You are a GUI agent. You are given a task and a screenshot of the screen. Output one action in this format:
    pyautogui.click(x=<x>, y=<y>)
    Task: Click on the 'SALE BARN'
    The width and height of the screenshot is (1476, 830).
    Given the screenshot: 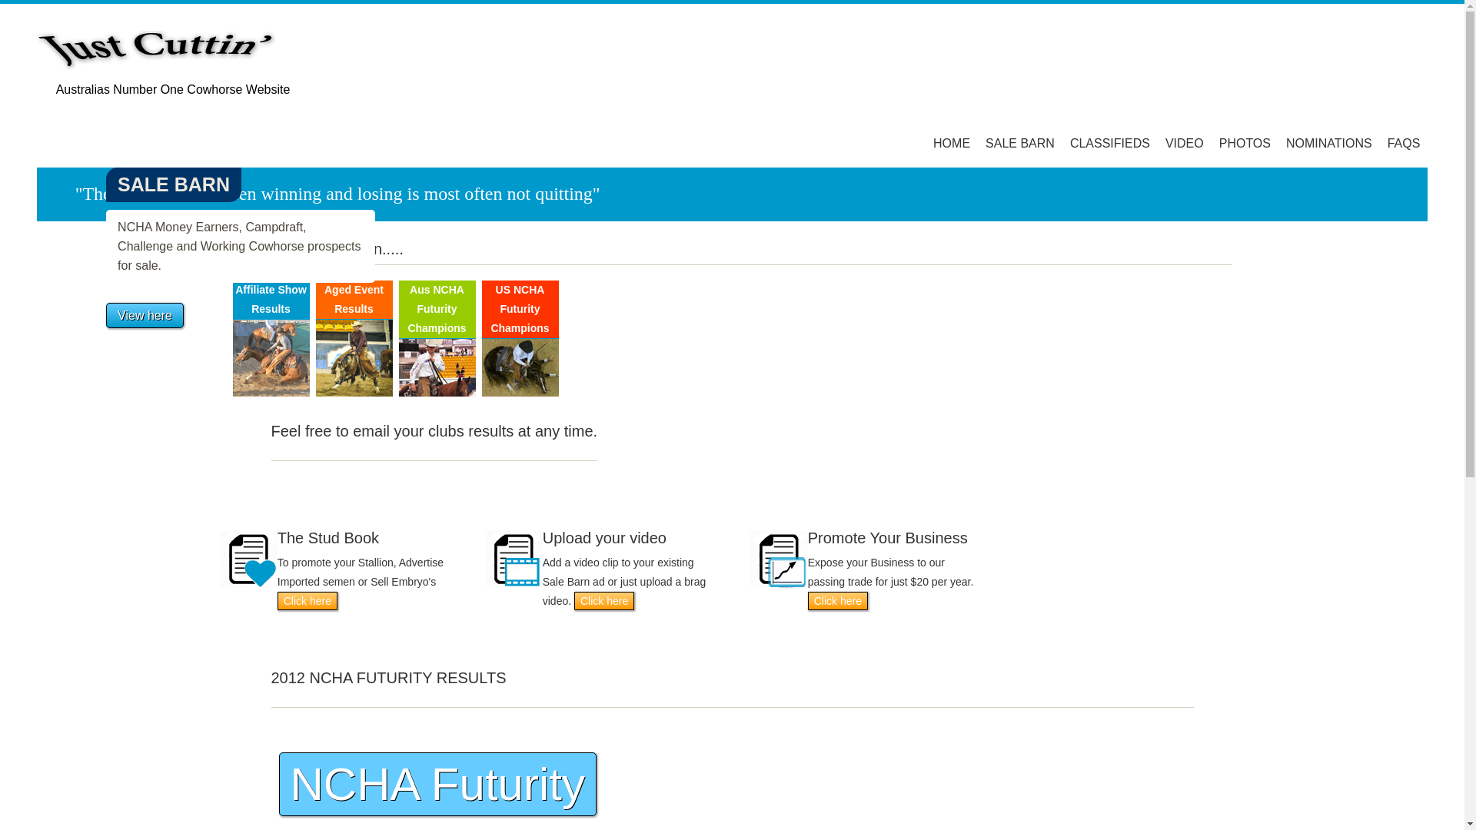 What is the action you would take?
    pyautogui.click(x=1019, y=143)
    